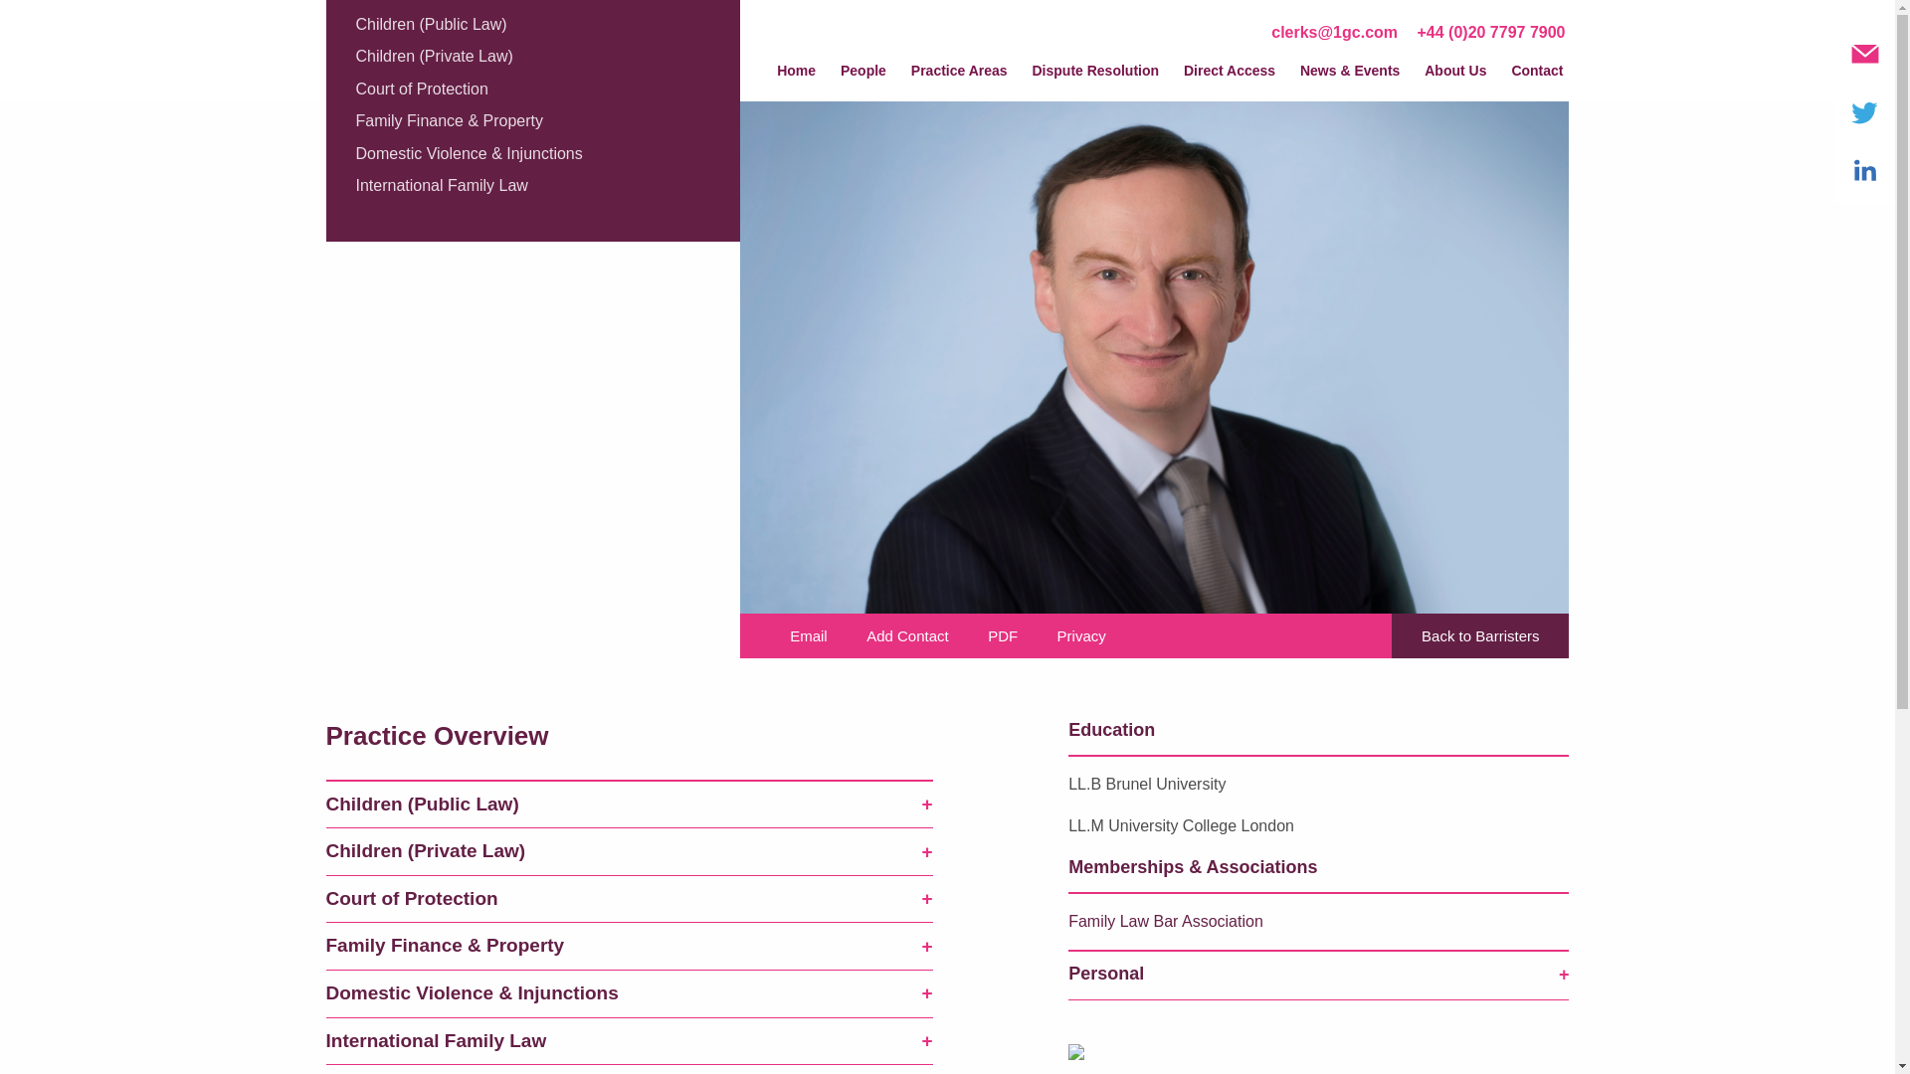 The height and width of the screenshot is (1074, 1910). I want to click on 'Home', so click(796, 76).